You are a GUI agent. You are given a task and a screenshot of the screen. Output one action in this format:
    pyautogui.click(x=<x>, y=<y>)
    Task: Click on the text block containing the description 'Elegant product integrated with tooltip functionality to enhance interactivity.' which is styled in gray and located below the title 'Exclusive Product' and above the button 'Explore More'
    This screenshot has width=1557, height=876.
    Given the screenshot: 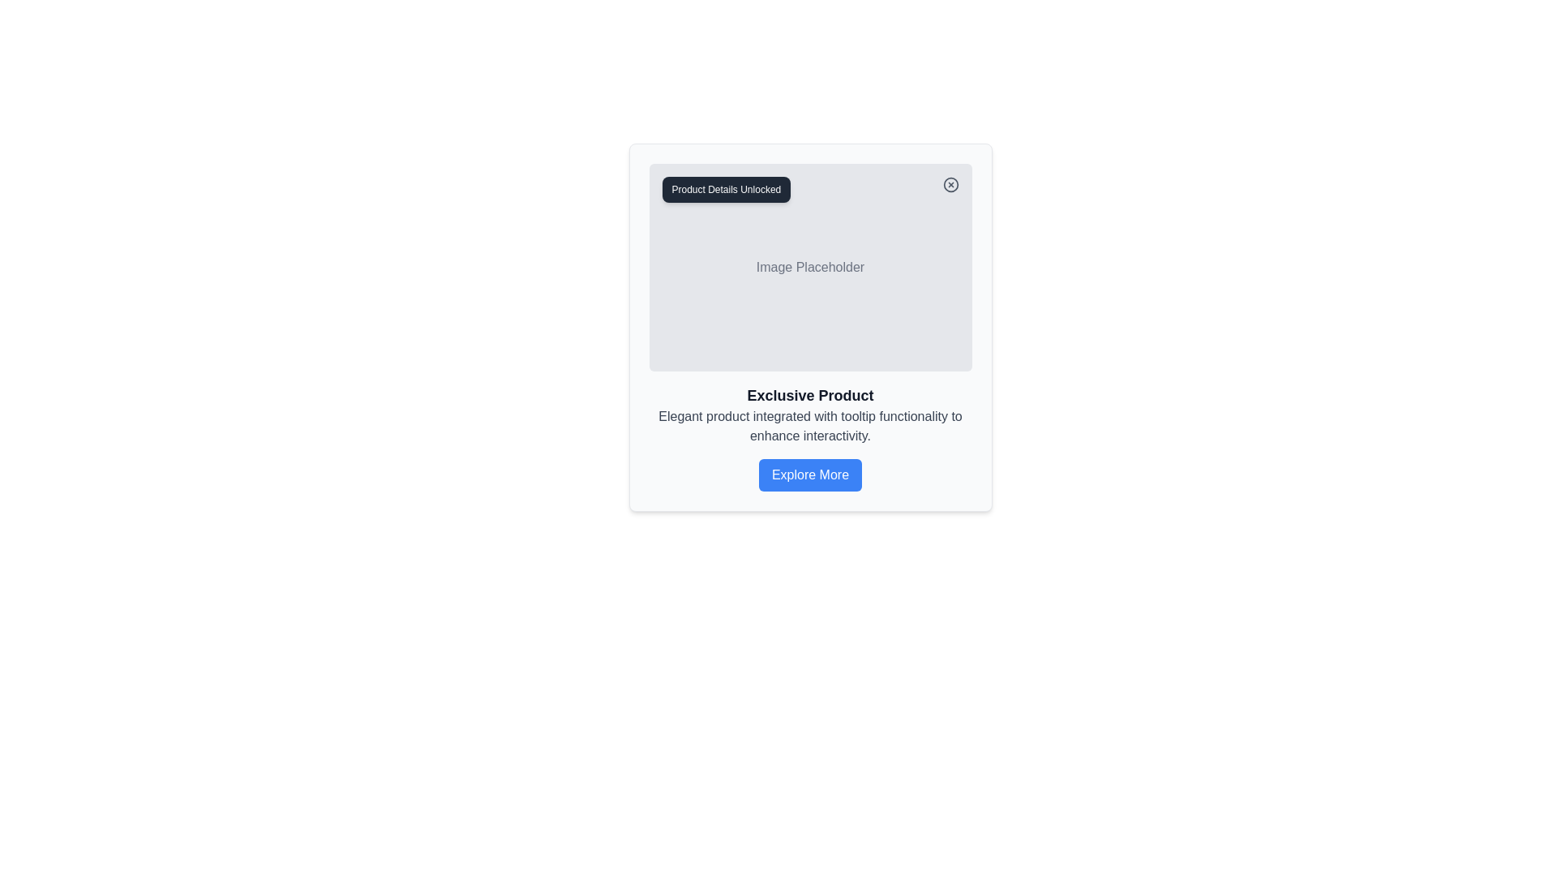 What is the action you would take?
    pyautogui.click(x=810, y=425)
    